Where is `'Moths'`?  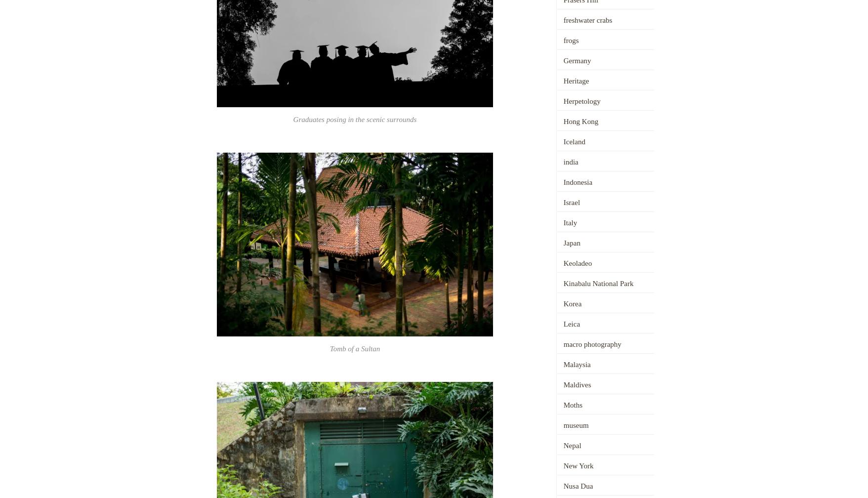
'Moths' is located at coordinates (572, 405).